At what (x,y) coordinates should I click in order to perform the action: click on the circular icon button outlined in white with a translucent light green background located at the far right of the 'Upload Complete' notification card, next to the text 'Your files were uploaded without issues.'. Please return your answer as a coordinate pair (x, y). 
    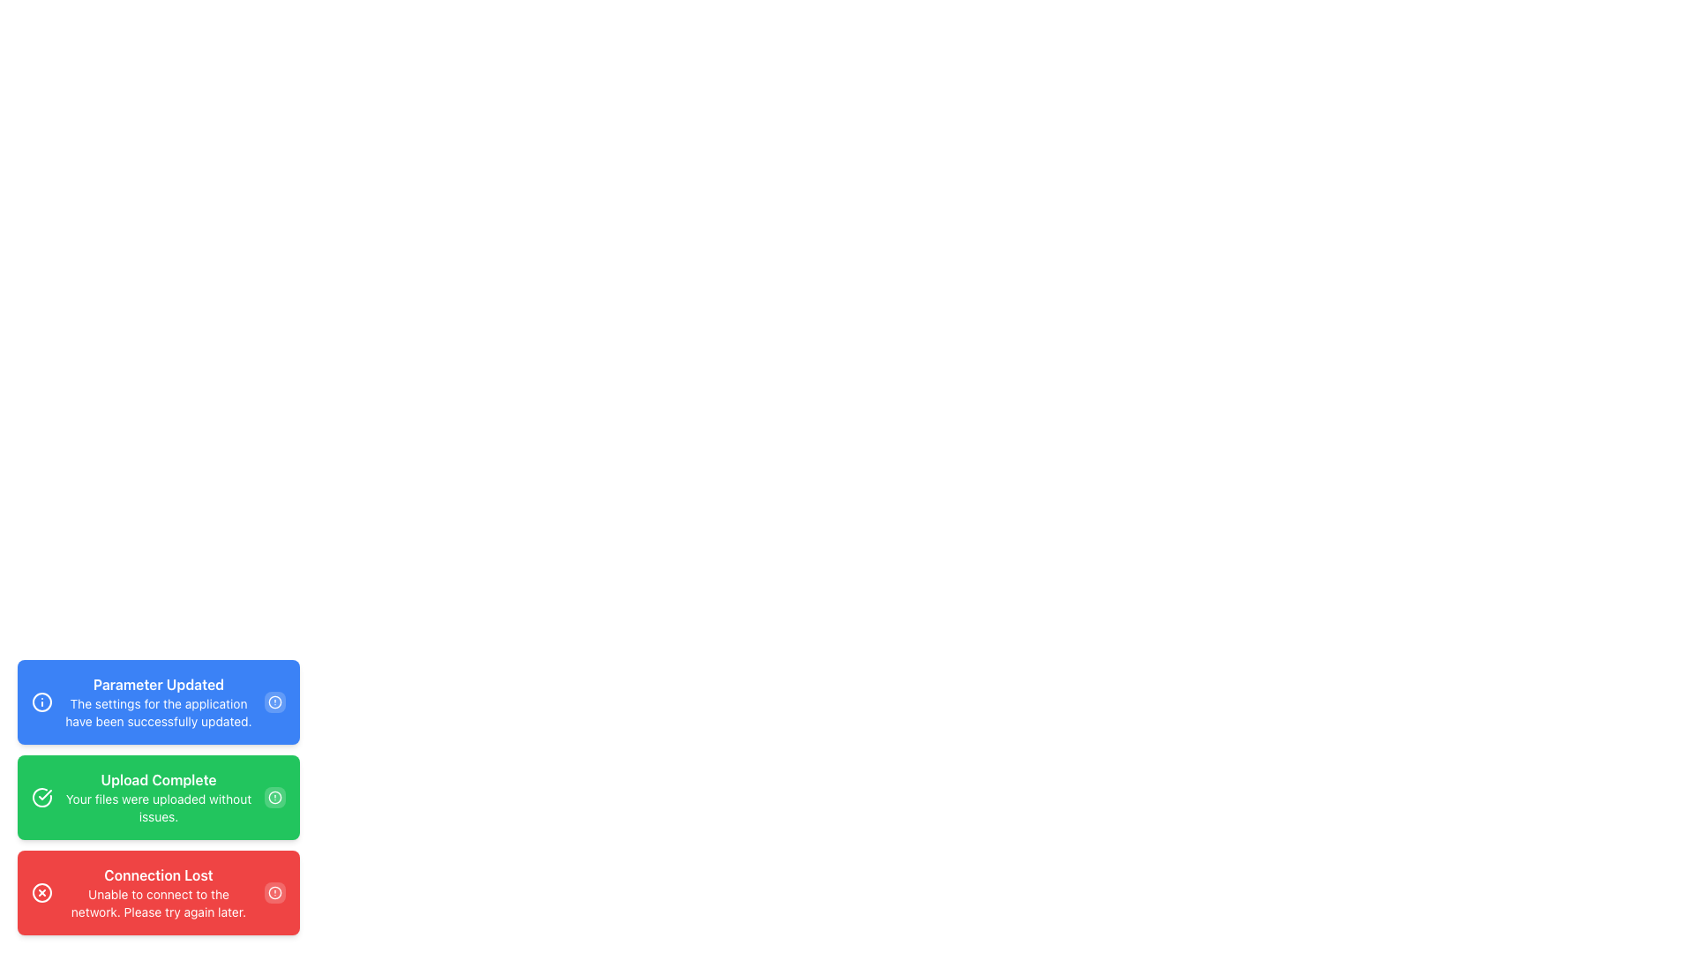
    Looking at the image, I should click on (274, 797).